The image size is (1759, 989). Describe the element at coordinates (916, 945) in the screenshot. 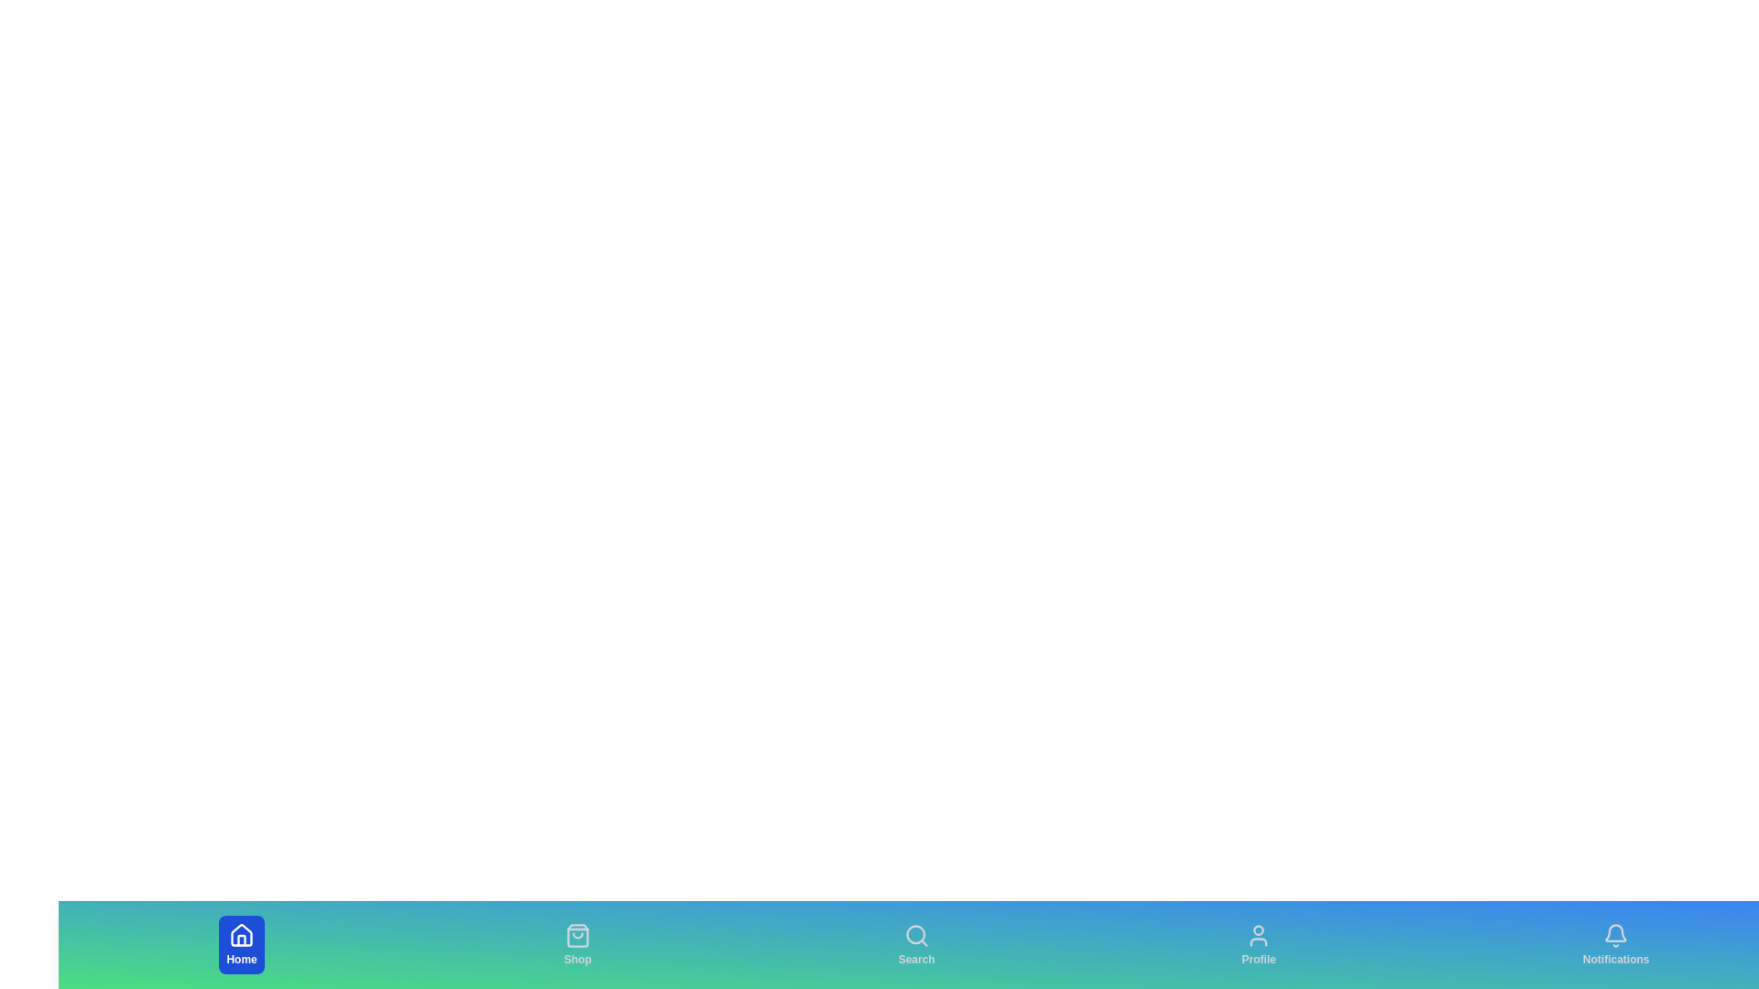

I see `the Search tab to view its hover effects` at that location.